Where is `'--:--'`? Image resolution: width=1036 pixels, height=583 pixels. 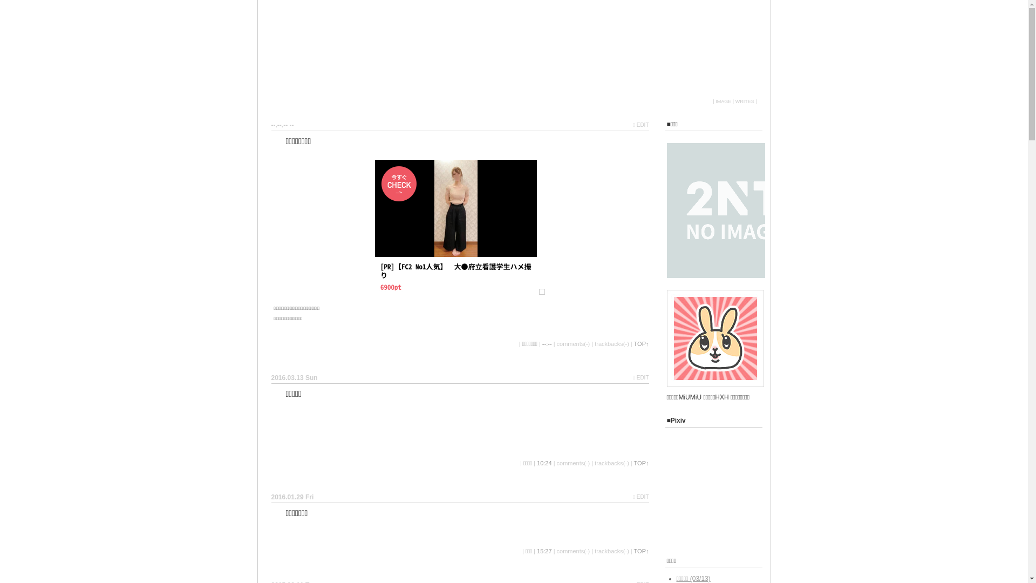 '--:--' is located at coordinates (547, 343).